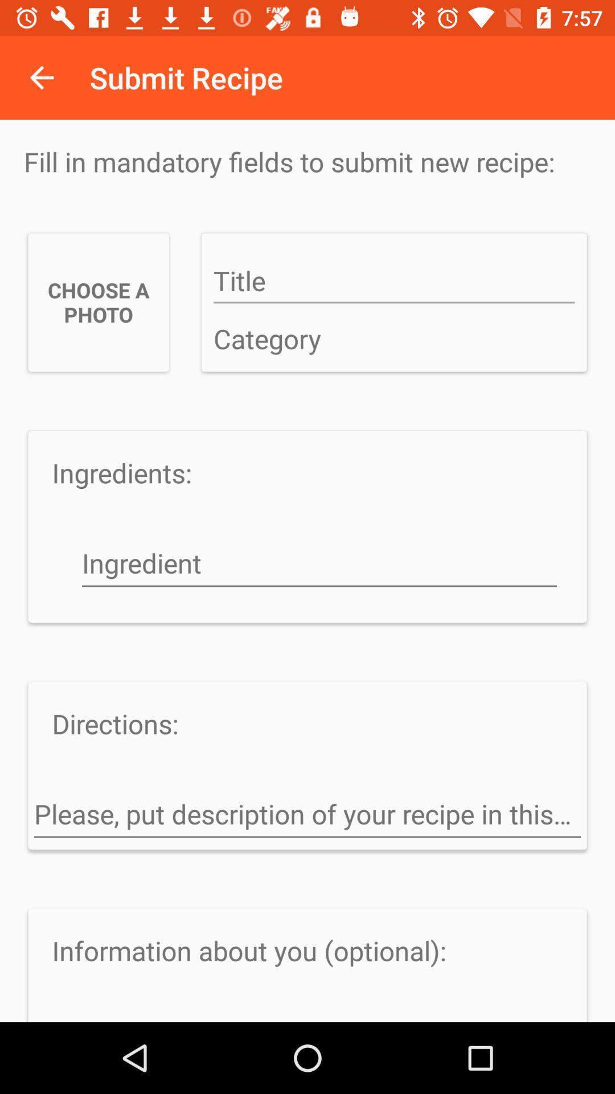  I want to click on text, so click(393, 281).